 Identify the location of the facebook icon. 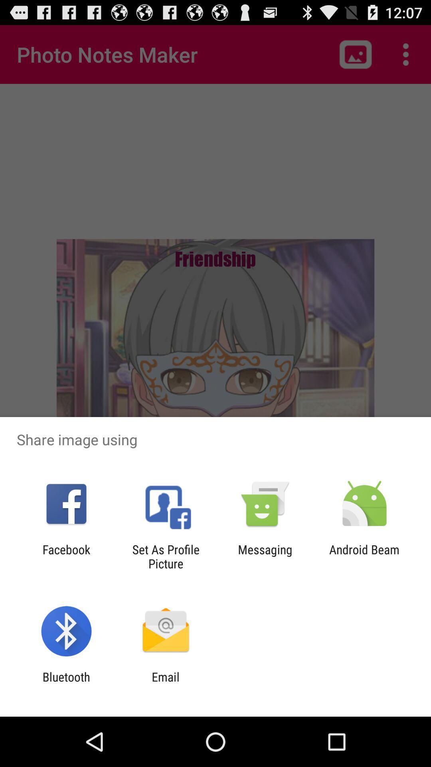
(66, 556).